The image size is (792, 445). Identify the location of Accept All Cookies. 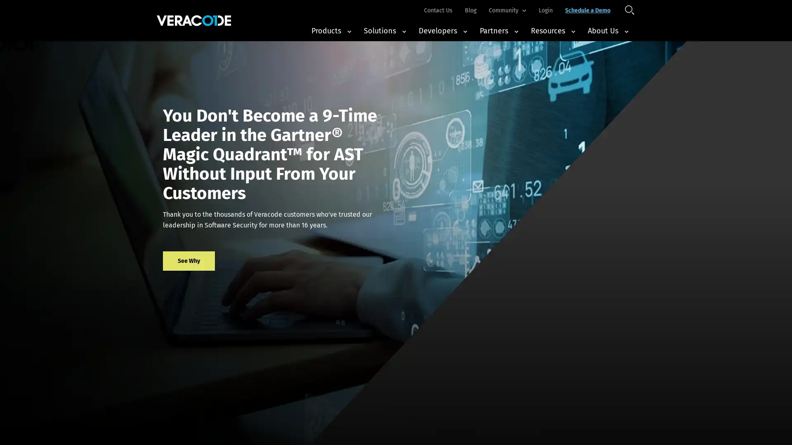
(607, 414).